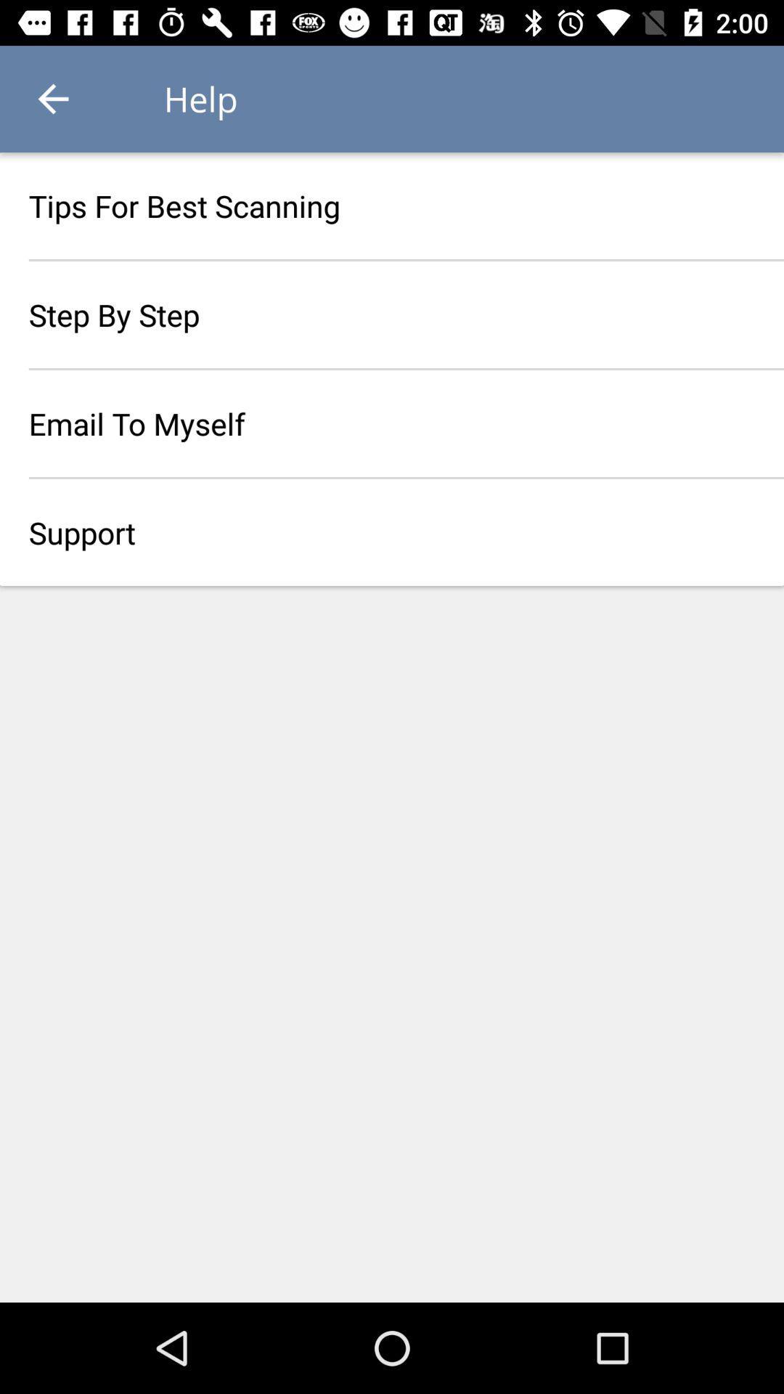 The width and height of the screenshot is (784, 1394). Describe the element at coordinates (392, 423) in the screenshot. I see `item above the support icon` at that location.